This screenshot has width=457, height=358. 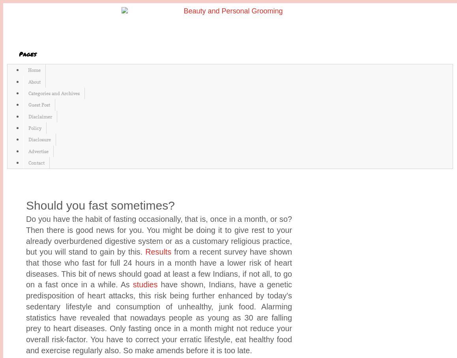 I want to click on 'Disclosure', so click(x=39, y=139).